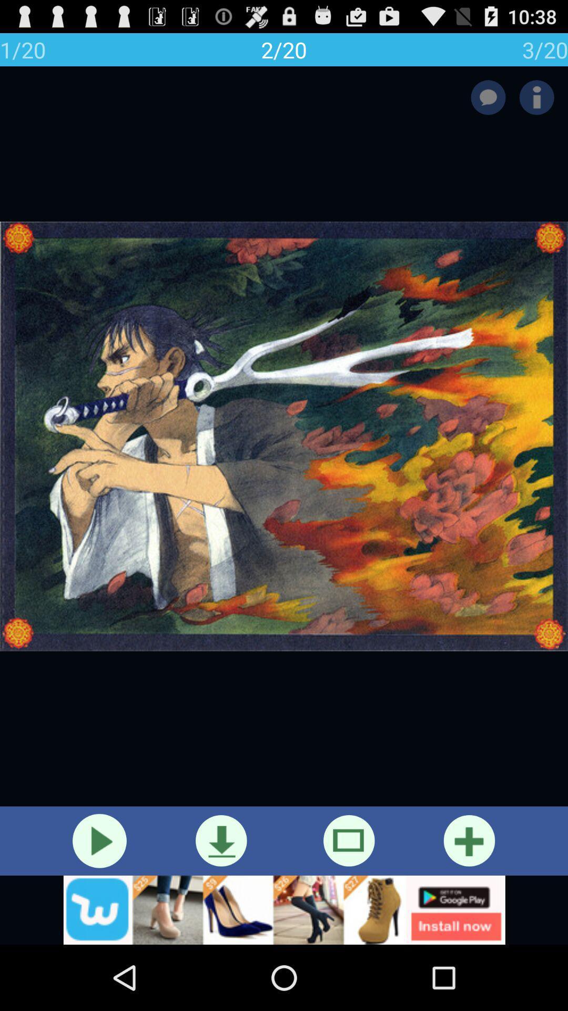  Describe the element at coordinates (536, 97) in the screenshot. I see `info` at that location.